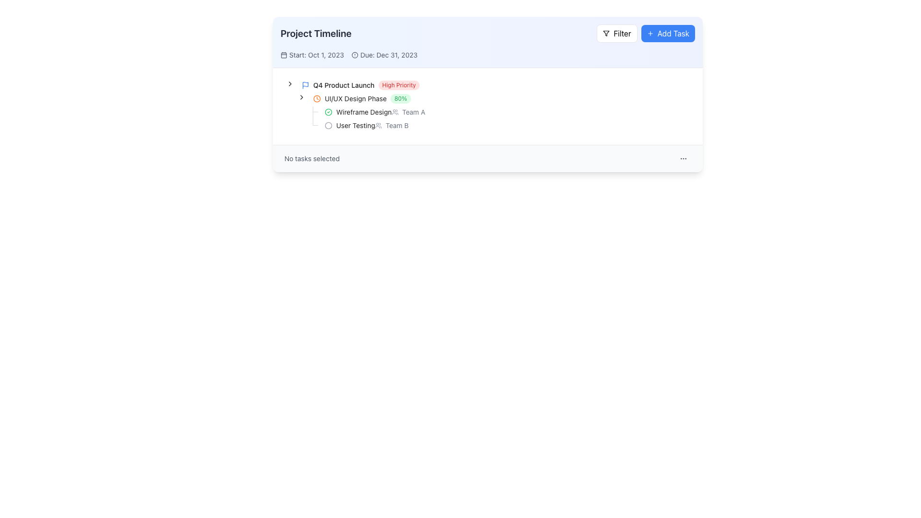  I want to click on the team icon indicating 'Team B' in the 'User Testing' row under the 'UI/UX Design Phase' section, so click(378, 125).